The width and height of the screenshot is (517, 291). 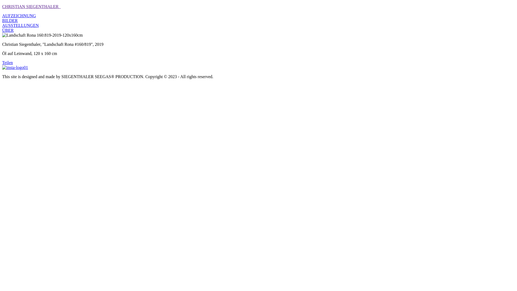 What do you see at coordinates (2, 15) in the screenshot?
I see `'AUFZEICHNUNG'` at bounding box center [2, 15].